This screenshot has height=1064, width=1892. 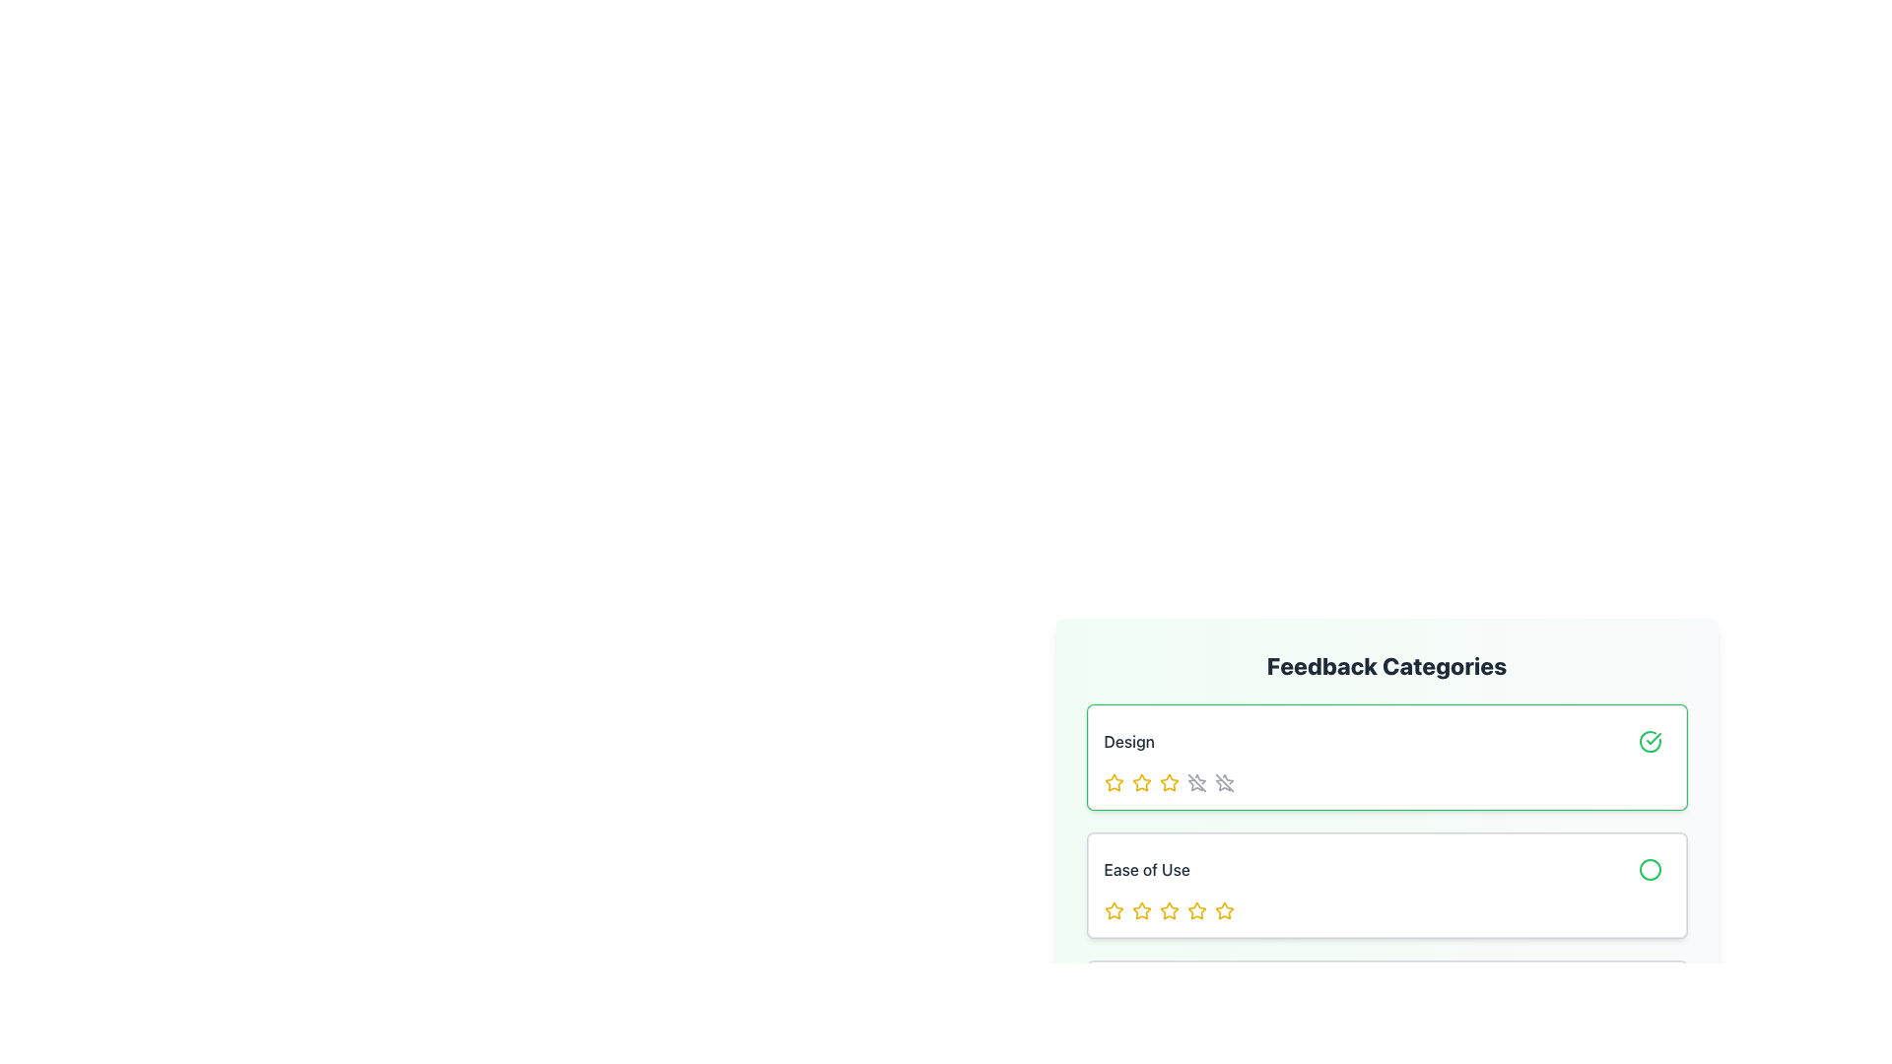 What do you see at coordinates (1195, 1038) in the screenshot?
I see `the fifth star in the series of five under the 'Ease of Use' feedback category to provide a full rating` at bounding box center [1195, 1038].